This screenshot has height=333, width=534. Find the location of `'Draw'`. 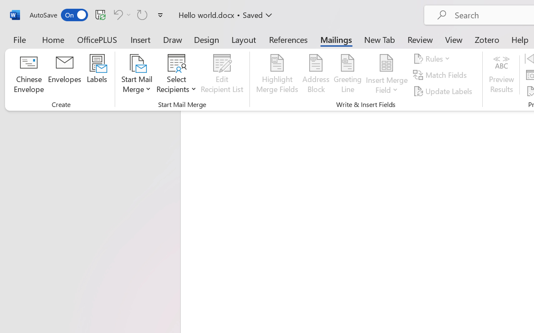

'Draw' is located at coordinates (172, 39).